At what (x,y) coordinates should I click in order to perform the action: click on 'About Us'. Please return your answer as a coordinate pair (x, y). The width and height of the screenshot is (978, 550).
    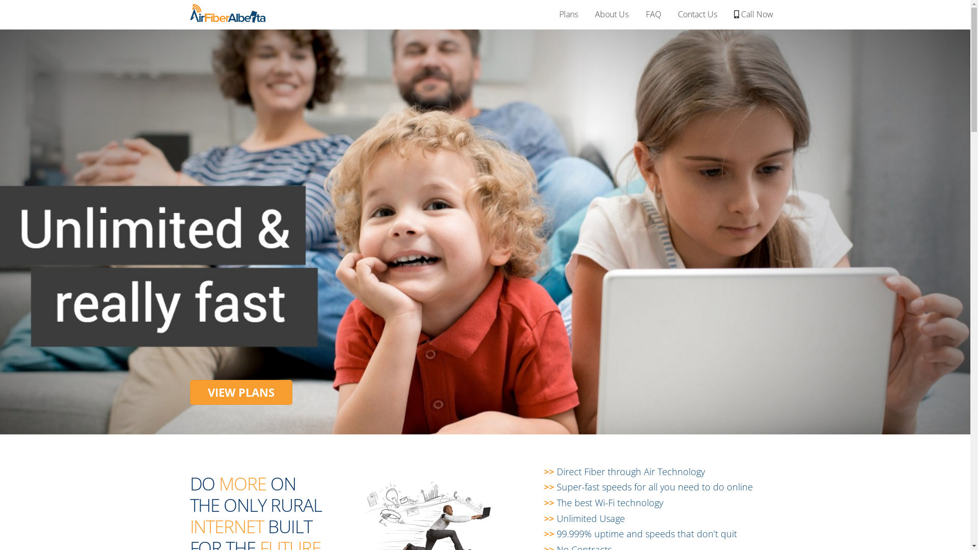
    Looking at the image, I should click on (611, 14).